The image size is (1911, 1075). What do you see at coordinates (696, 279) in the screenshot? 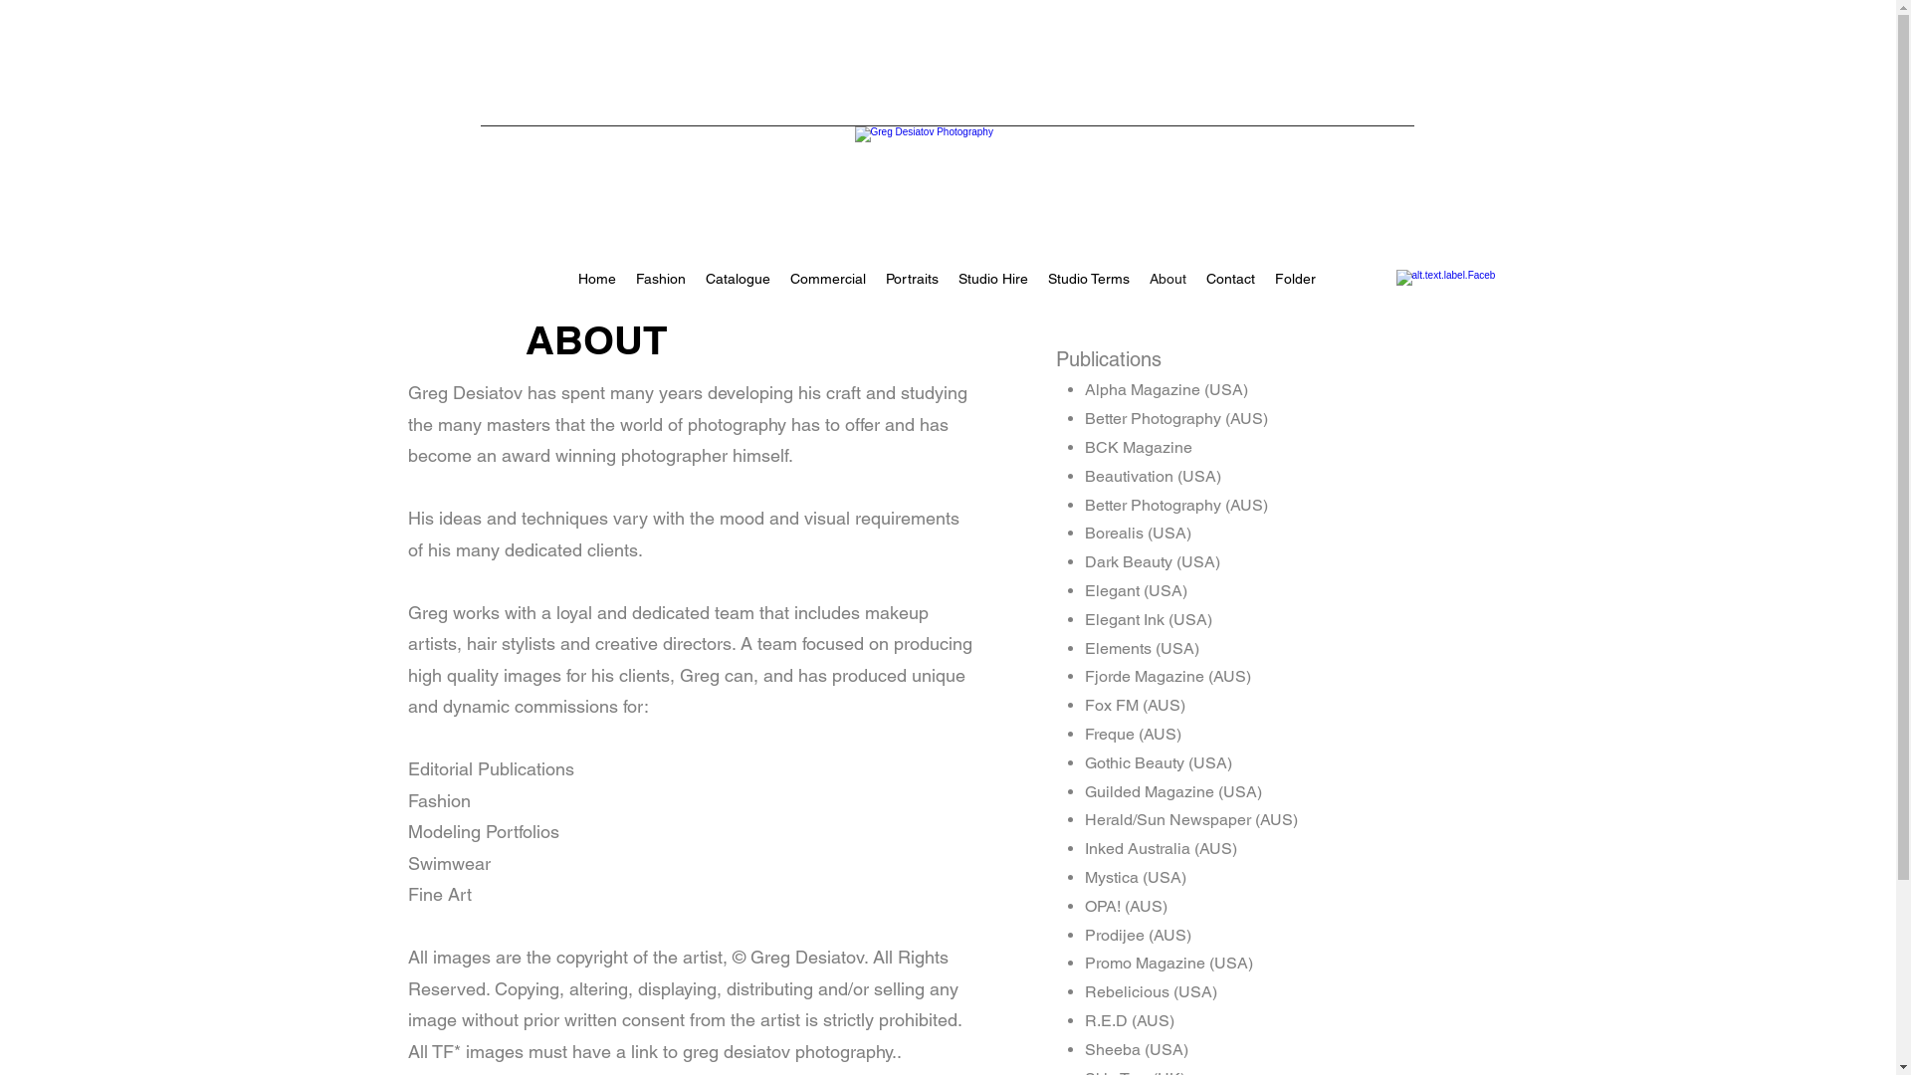
I see `'Catalogue'` at bounding box center [696, 279].